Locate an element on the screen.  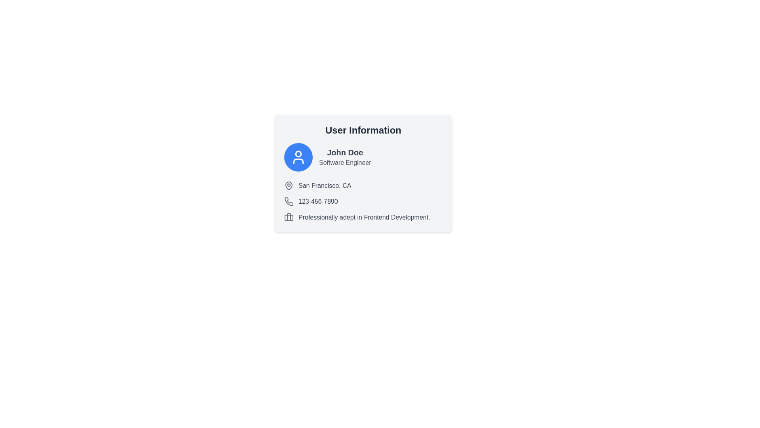
the descriptive text label that provides information about the user's professional expertise, located at the bottom of the user information card is located at coordinates (364, 217).